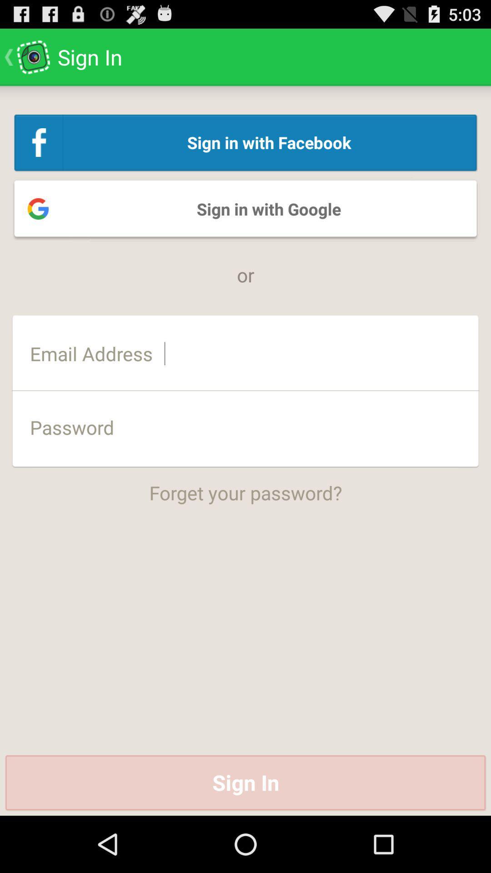 The width and height of the screenshot is (491, 873). What do you see at coordinates (245, 486) in the screenshot?
I see `forget your password? app` at bounding box center [245, 486].